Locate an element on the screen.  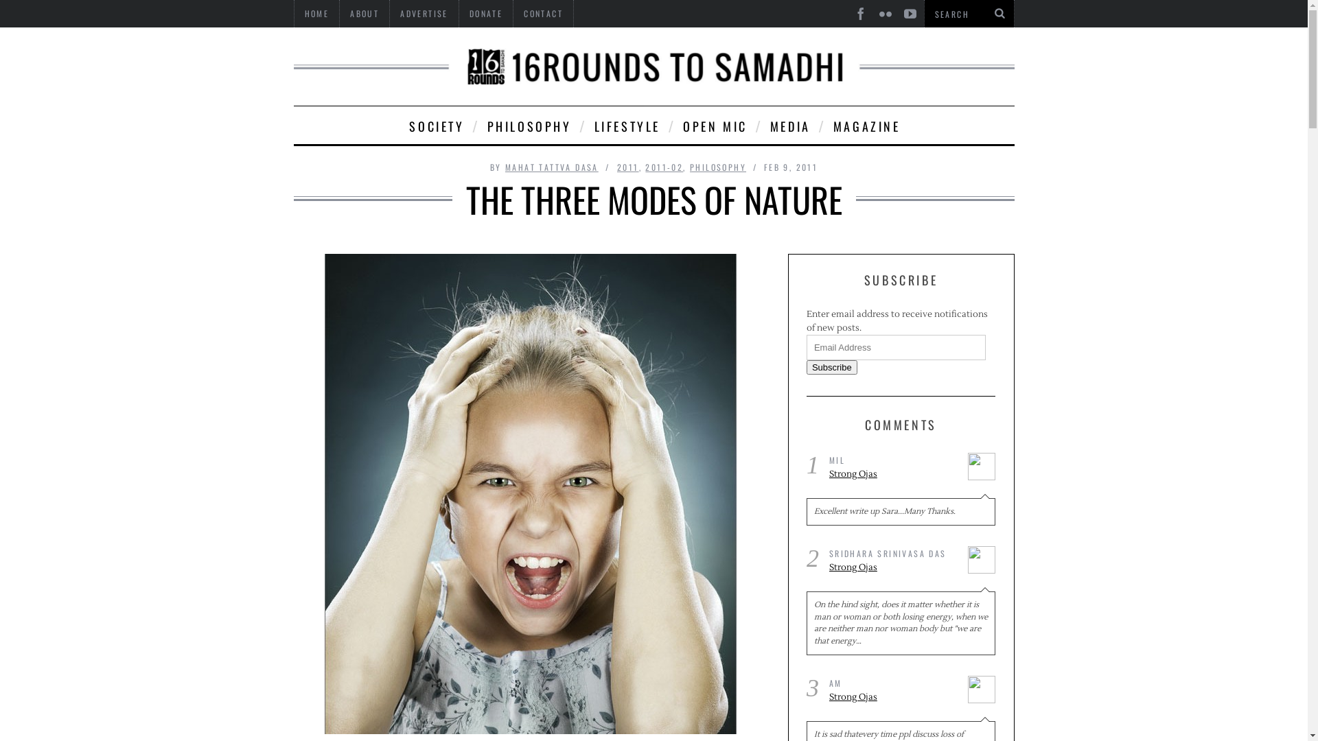
'LIFESTYLE' is located at coordinates (625, 125).